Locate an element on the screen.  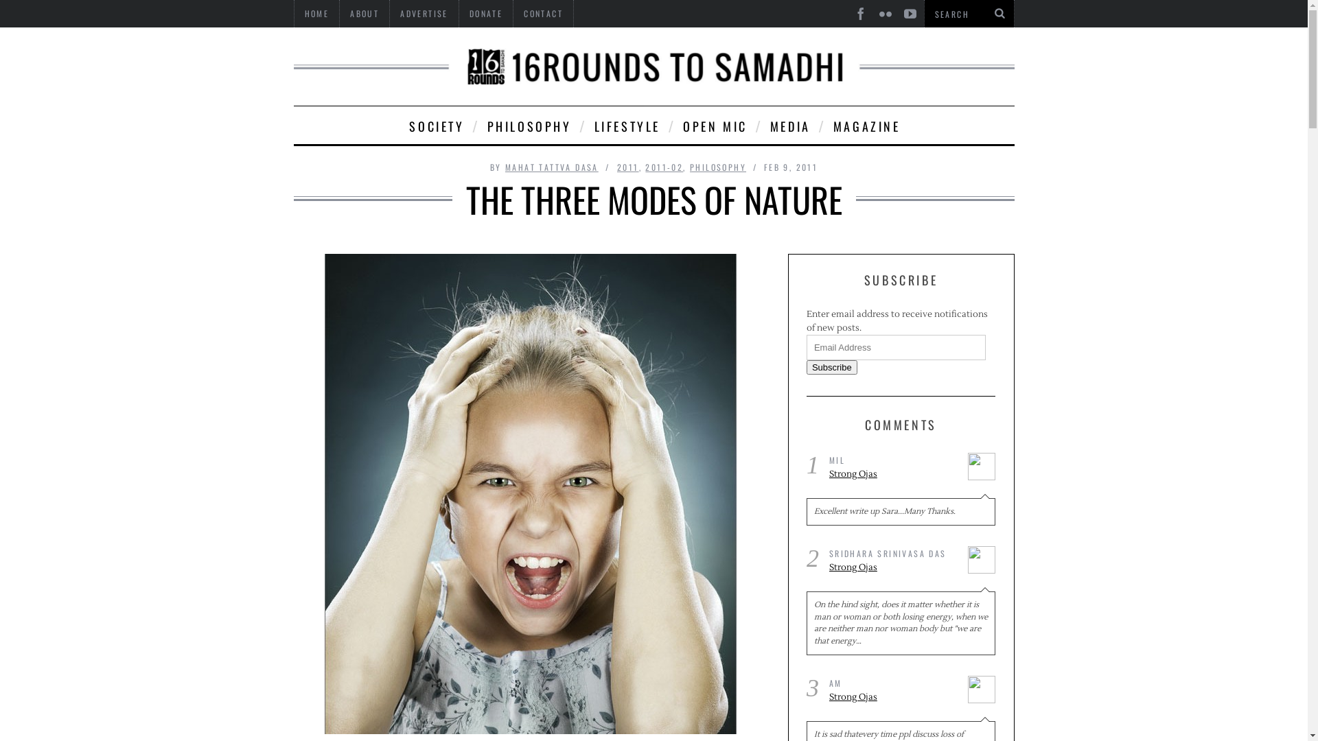
'LIFESTYLE' is located at coordinates (625, 125).